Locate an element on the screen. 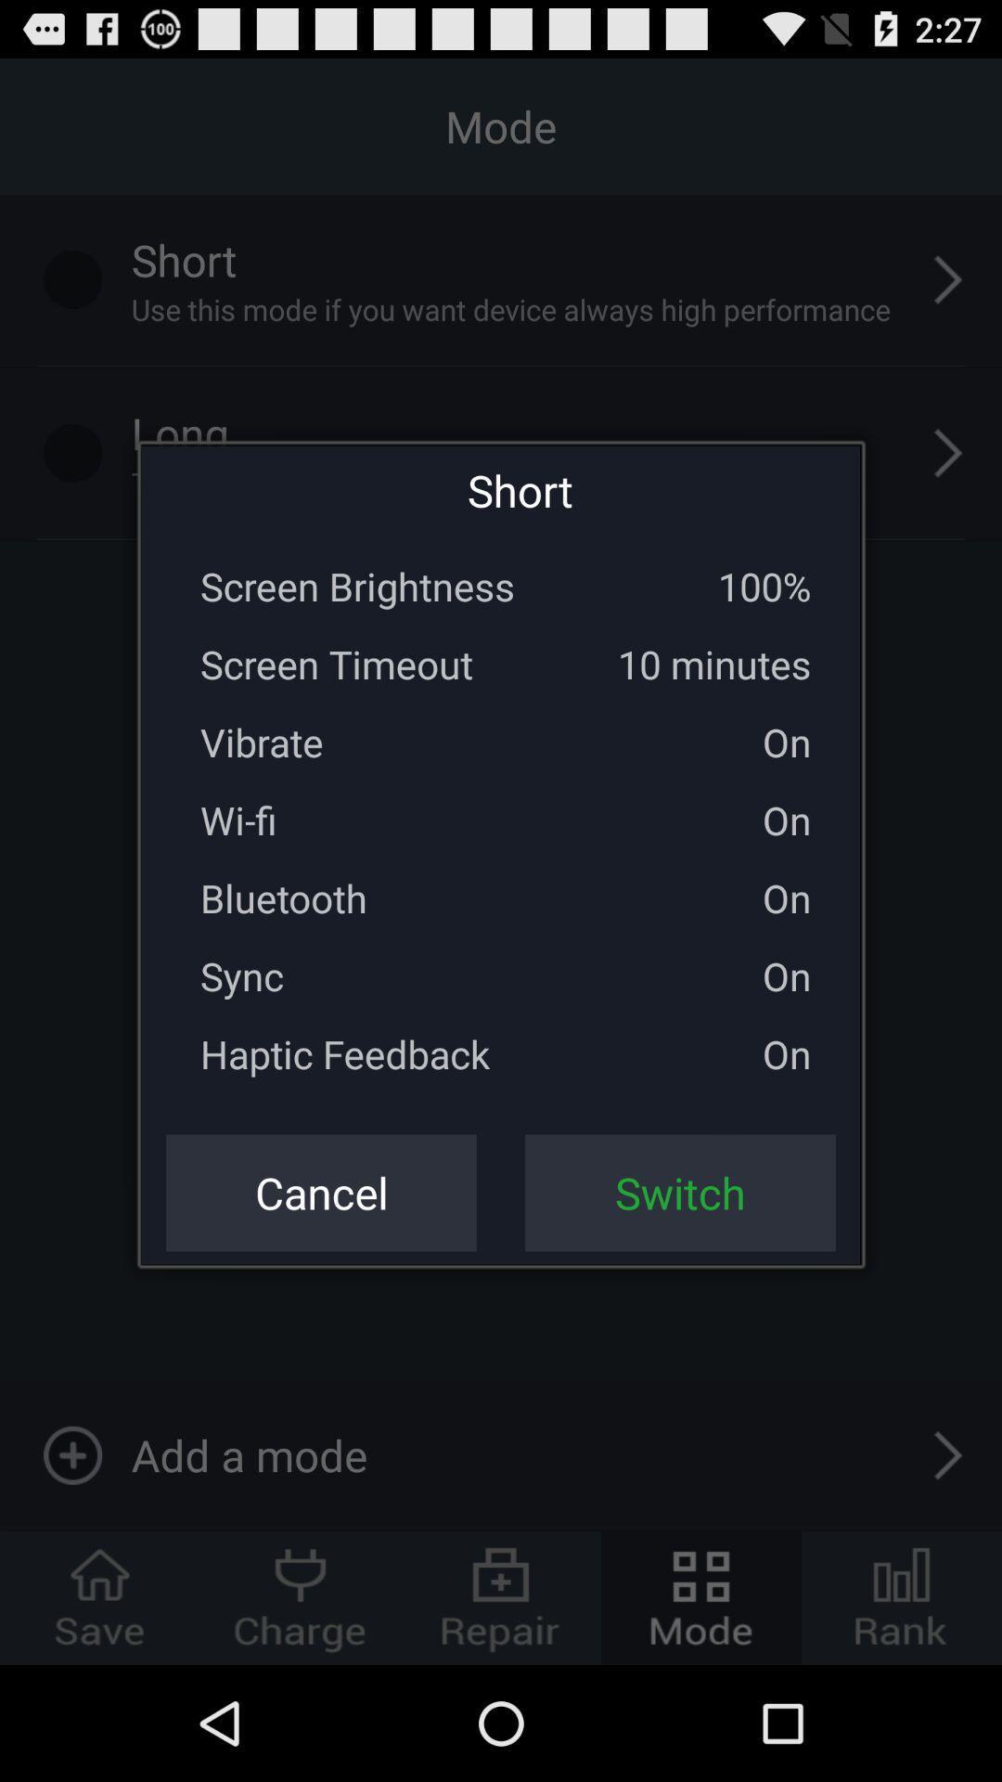 This screenshot has width=1002, height=1782. the icon to the left of switch icon is located at coordinates (320, 1193).